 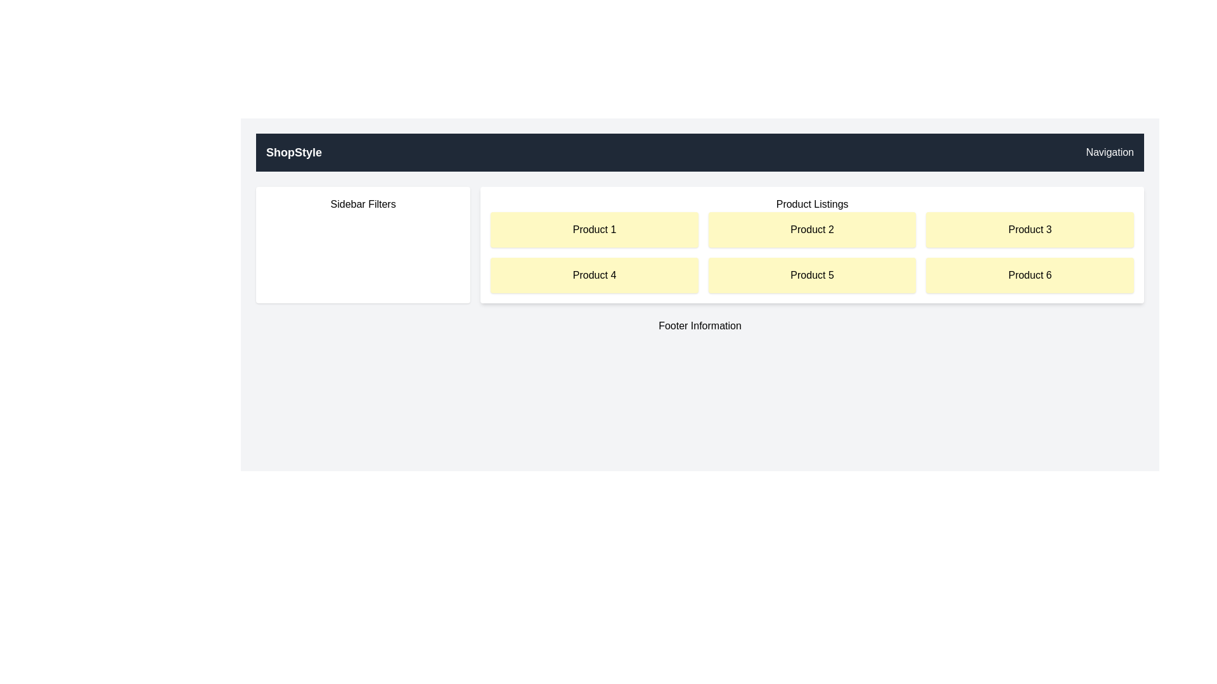 What do you see at coordinates (1030, 229) in the screenshot?
I see `the 'Product 3' text label, which is a rectangular element with a light yellow background and rounded corners, displayed in bold black font` at bounding box center [1030, 229].